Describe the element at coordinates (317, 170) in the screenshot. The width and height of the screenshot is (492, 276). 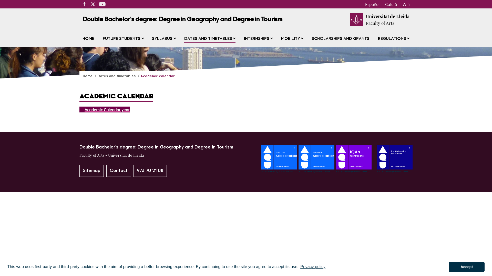
I see `'SegellAcreditacioAQU_GTurisme_en'` at that location.